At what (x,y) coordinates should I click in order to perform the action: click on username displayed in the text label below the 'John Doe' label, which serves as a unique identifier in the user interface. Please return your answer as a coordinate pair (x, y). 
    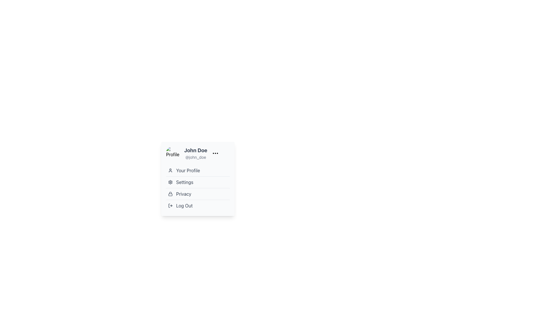
    Looking at the image, I should click on (196, 157).